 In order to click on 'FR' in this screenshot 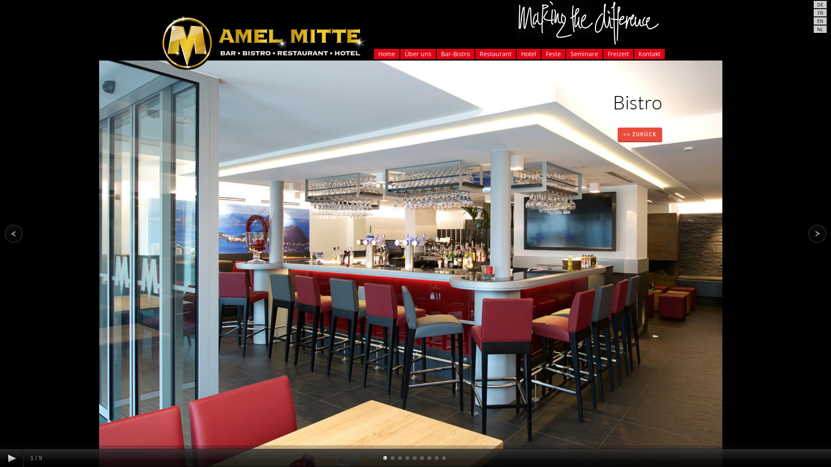, I will do `click(819, 13)`.